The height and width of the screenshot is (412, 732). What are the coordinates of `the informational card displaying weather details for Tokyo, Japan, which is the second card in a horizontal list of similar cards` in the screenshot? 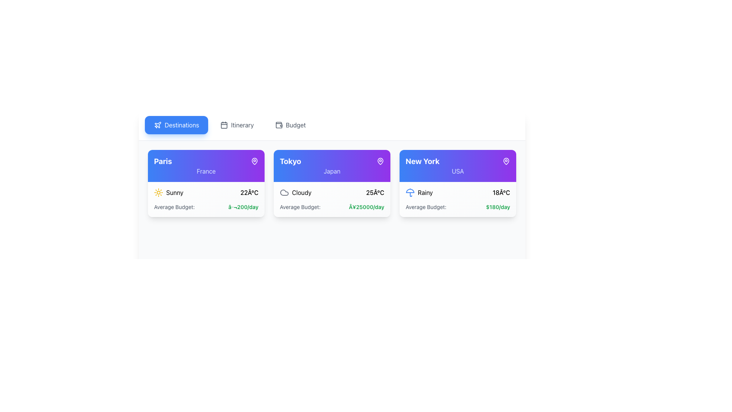 It's located at (332, 183).